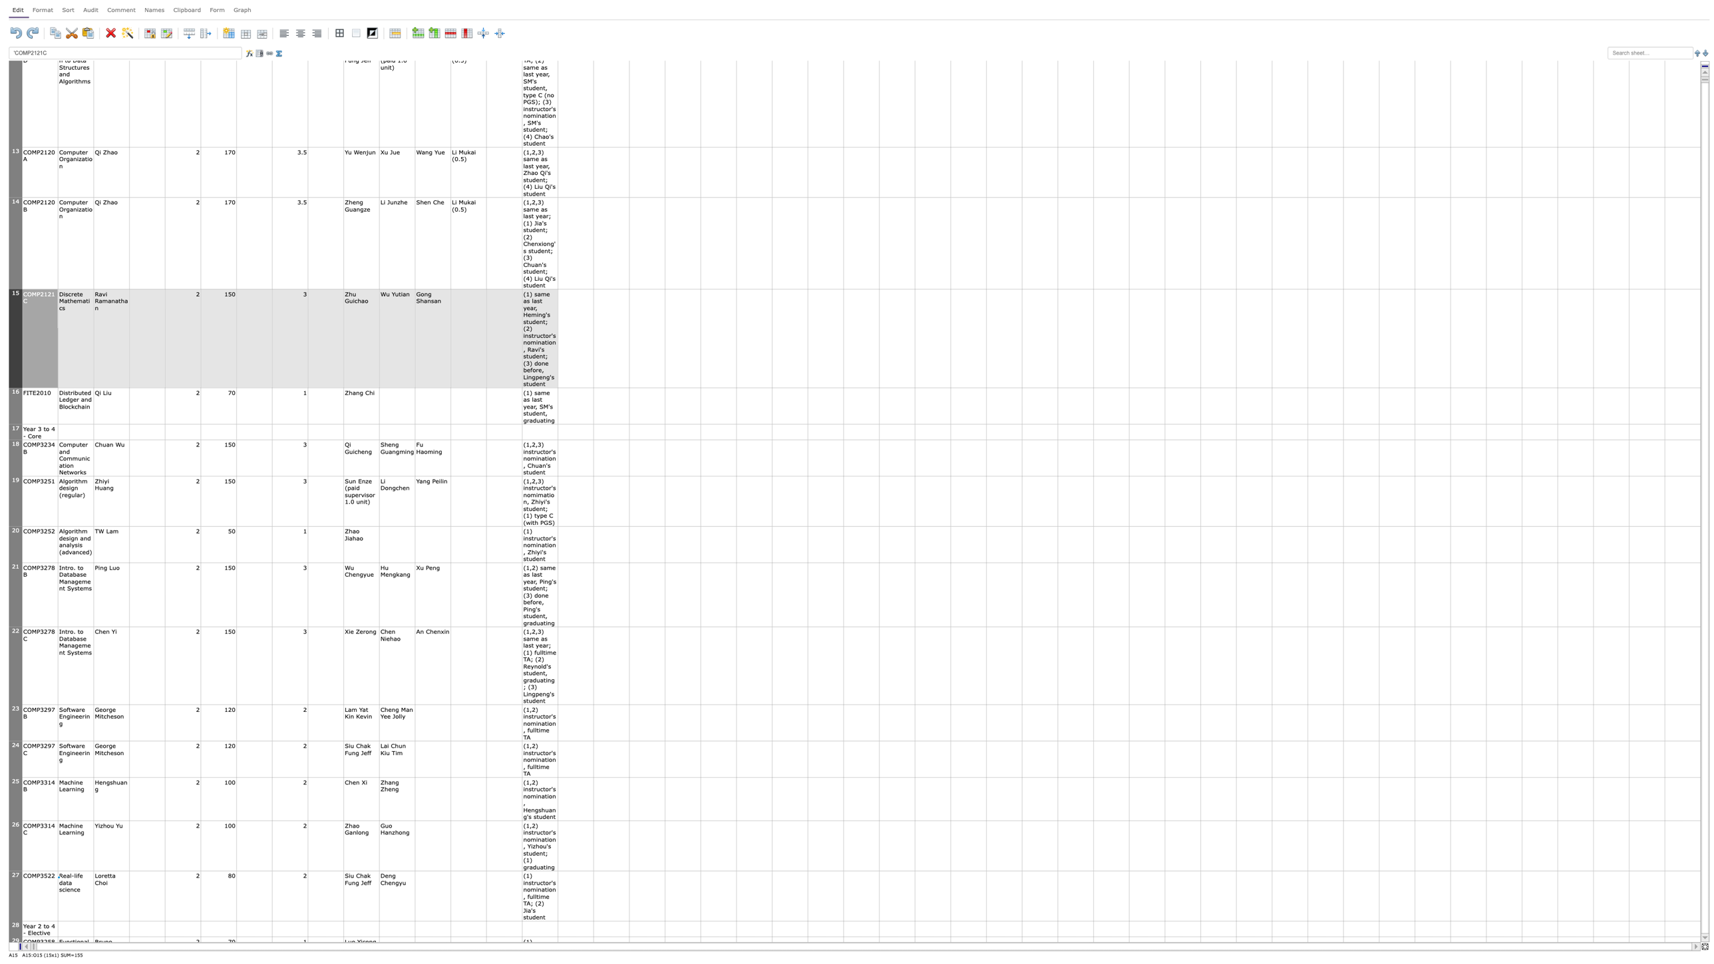 The width and height of the screenshot is (1714, 964). What do you see at coordinates (15, 921) in the screenshot?
I see `row 27's header bottom edge for resizing` at bounding box center [15, 921].